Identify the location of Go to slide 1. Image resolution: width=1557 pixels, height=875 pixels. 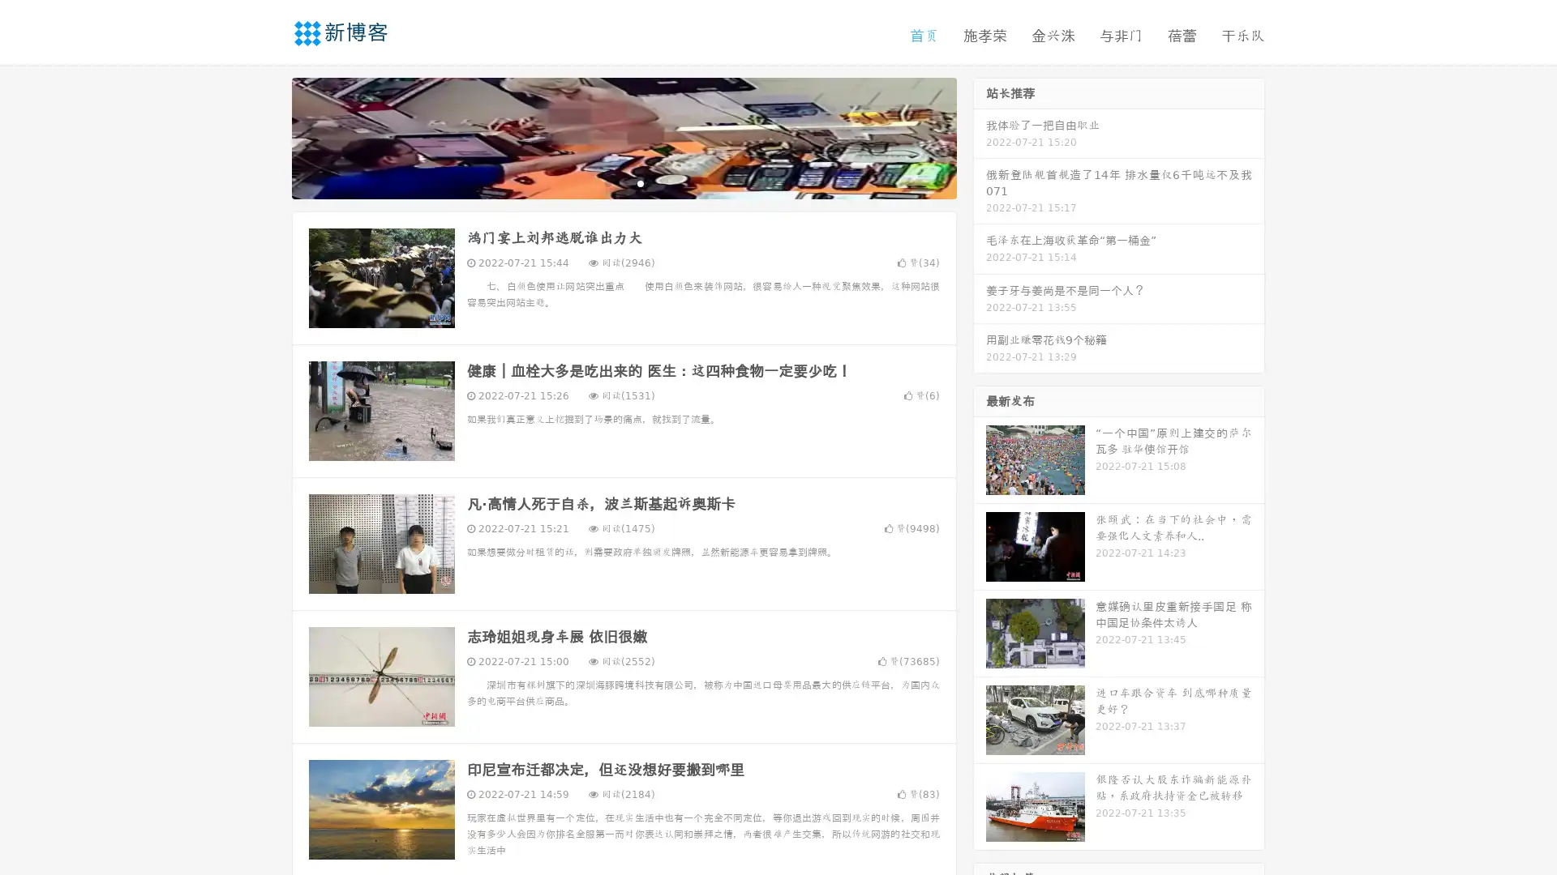
(607, 182).